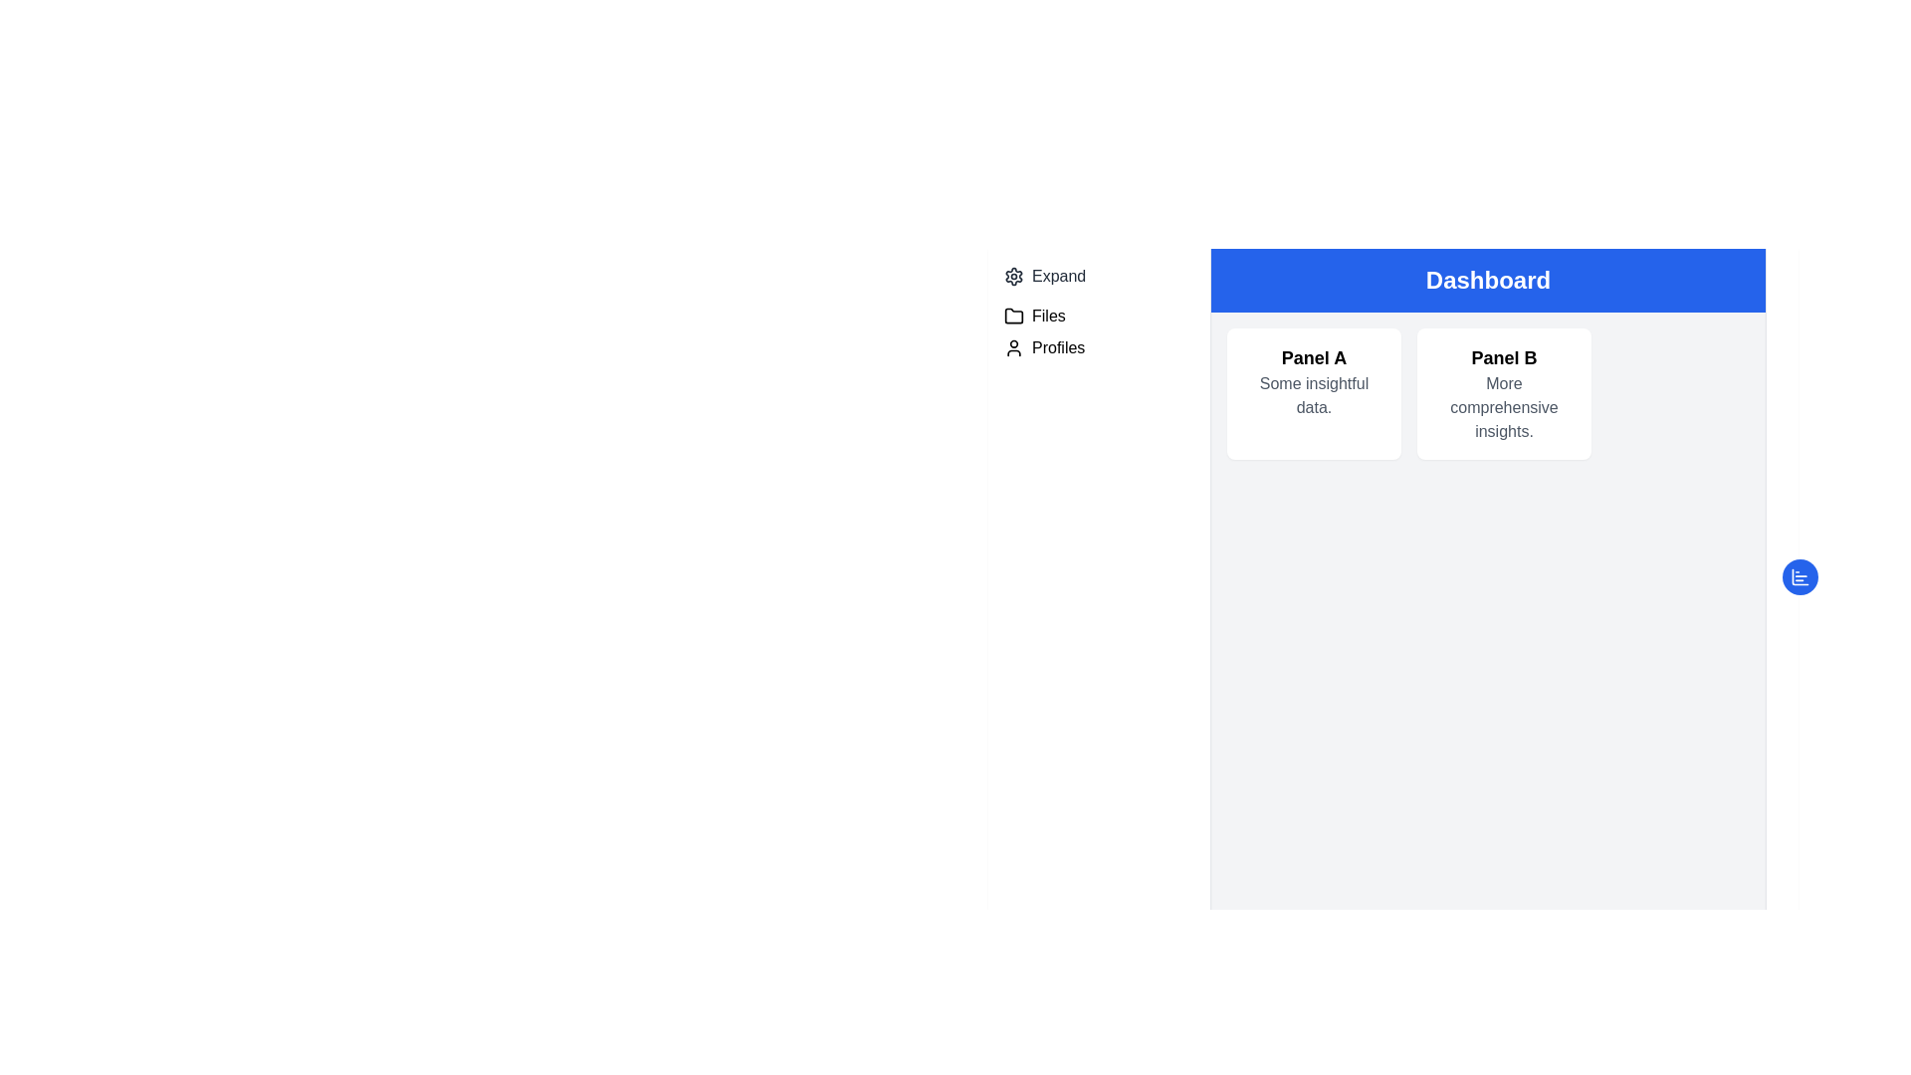 The height and width of the screenshot is (1075, 1911). Describe the element at coordinates (1314, 395) in the screenshot. I see `text element that displays 'Some insightful data.' located in the left section of 'Panel A'` at that location.